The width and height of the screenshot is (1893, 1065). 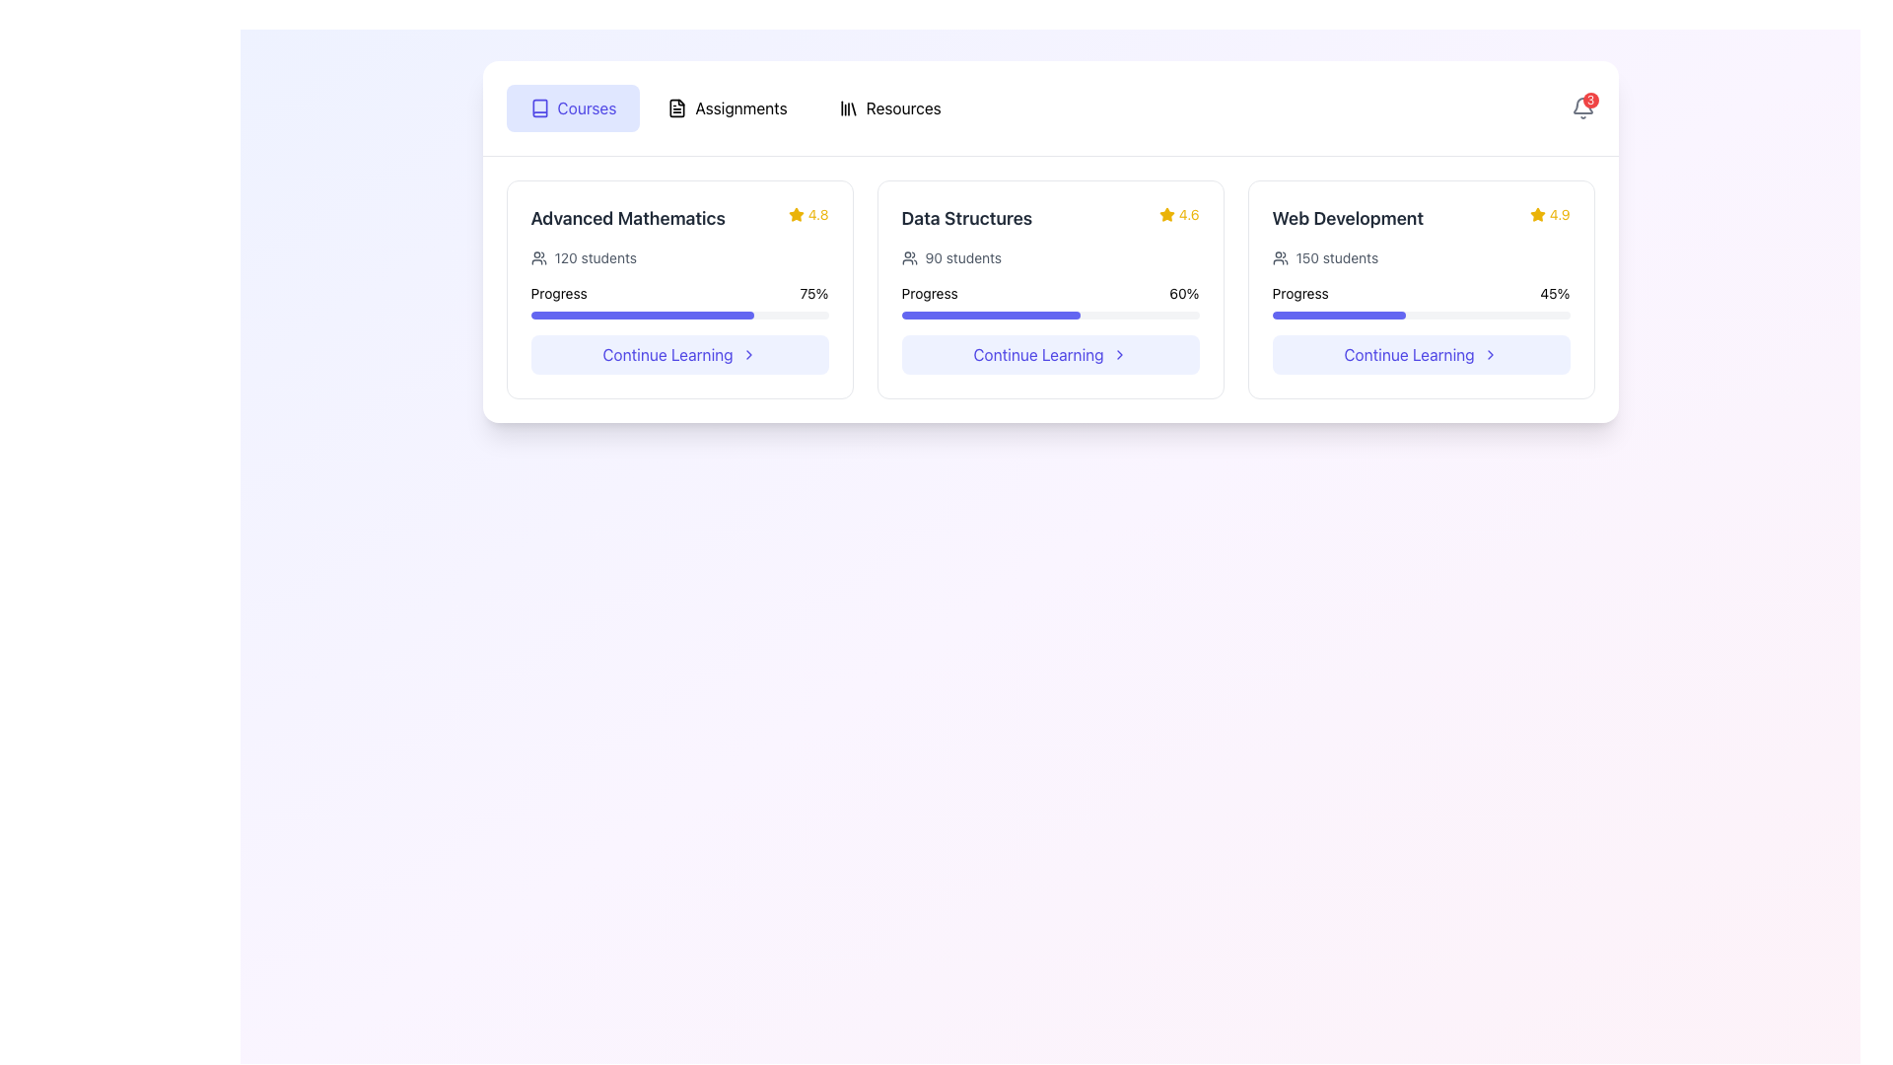 I want to click on the icon located in the navigation bar next to the 'Assignments' label, which serves as a visual identifier for the 'Assignments' section, so click(x=677, y=108).